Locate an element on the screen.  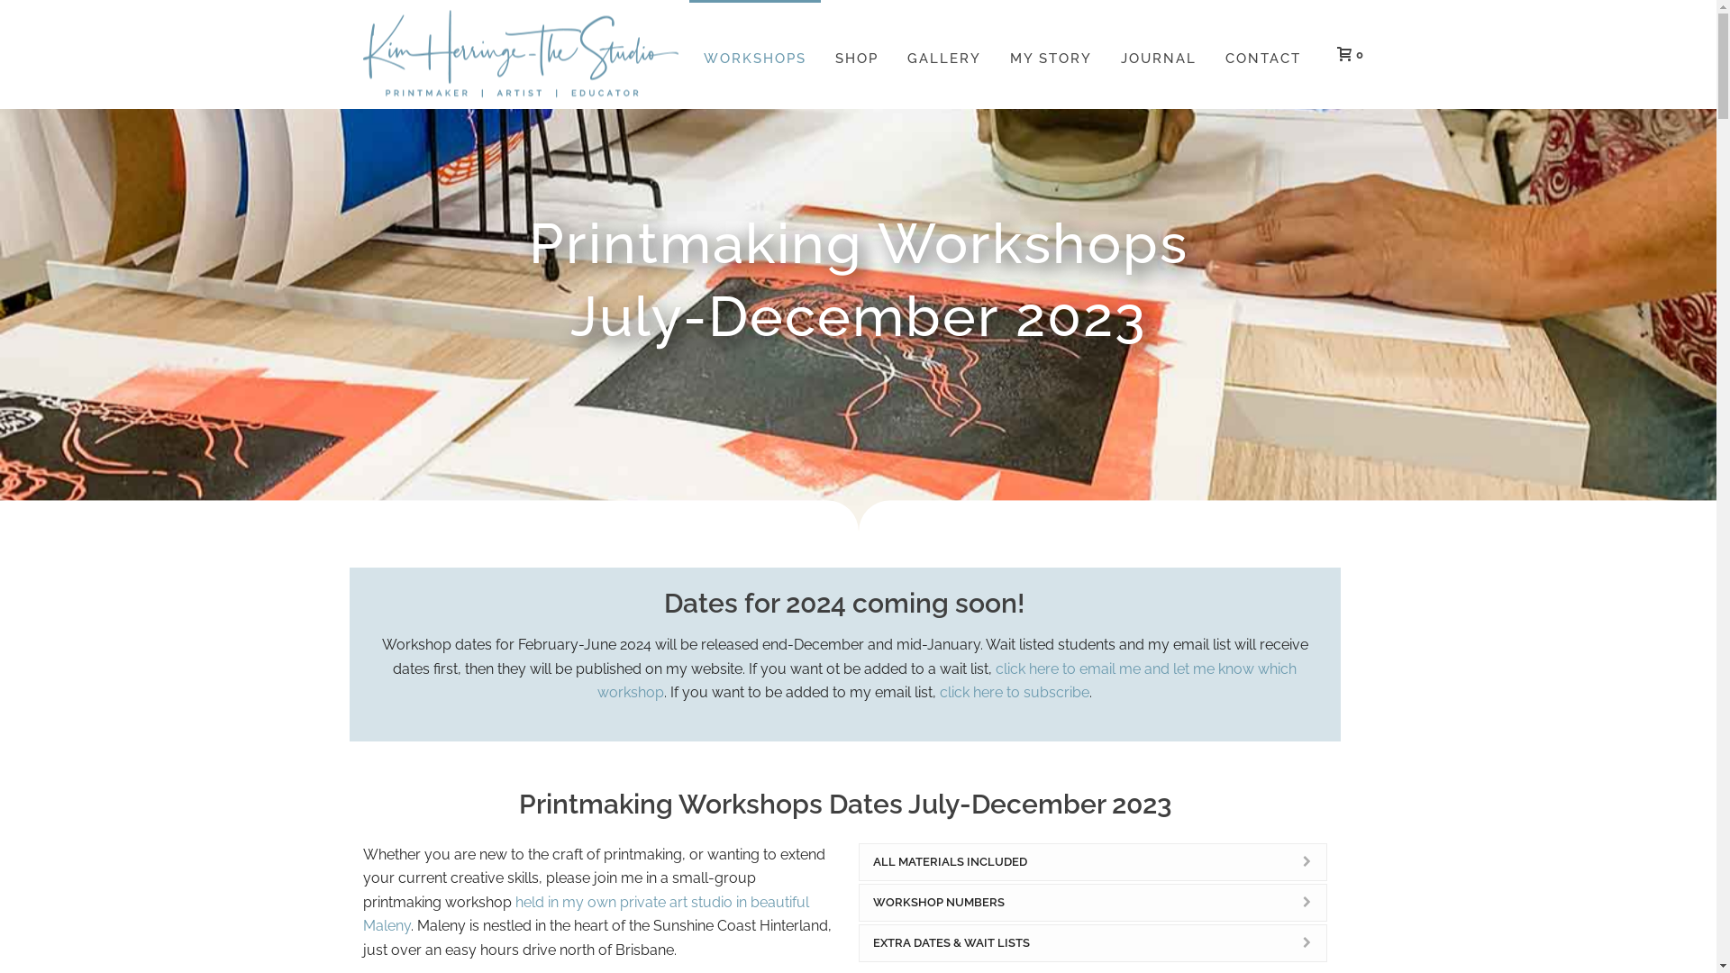
'held in my own private art studio in beautiful Maleny' is located at coordinates (585, 914).